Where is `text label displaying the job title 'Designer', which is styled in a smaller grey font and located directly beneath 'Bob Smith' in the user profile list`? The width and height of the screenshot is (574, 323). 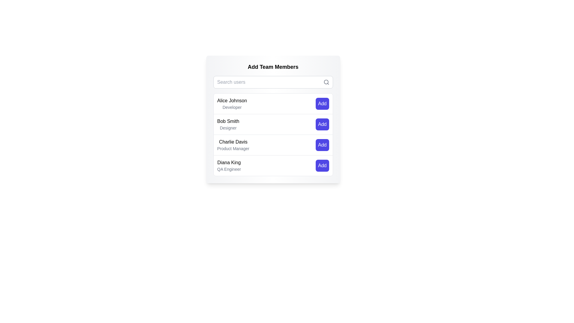
text label displaying the job title 'Designer', which is styled in a smaller grey font and located directly beneath 'Bob Smith' in the user profile list is located at coordinates (228, 128).